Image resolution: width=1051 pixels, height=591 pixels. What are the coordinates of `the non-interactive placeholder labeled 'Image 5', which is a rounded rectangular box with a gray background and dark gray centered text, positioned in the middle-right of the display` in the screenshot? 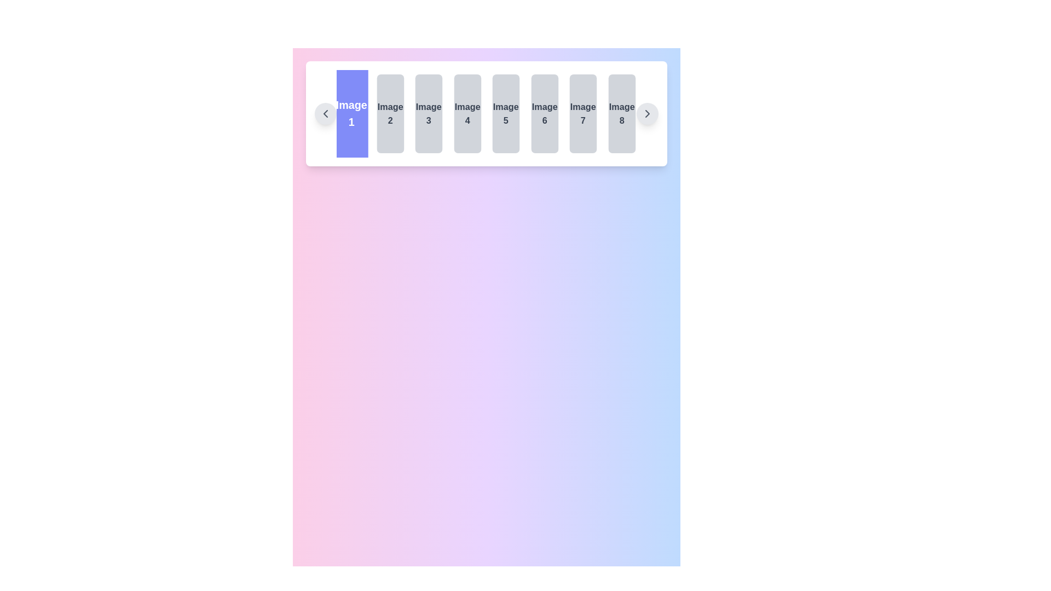 It's located at (505, 114).